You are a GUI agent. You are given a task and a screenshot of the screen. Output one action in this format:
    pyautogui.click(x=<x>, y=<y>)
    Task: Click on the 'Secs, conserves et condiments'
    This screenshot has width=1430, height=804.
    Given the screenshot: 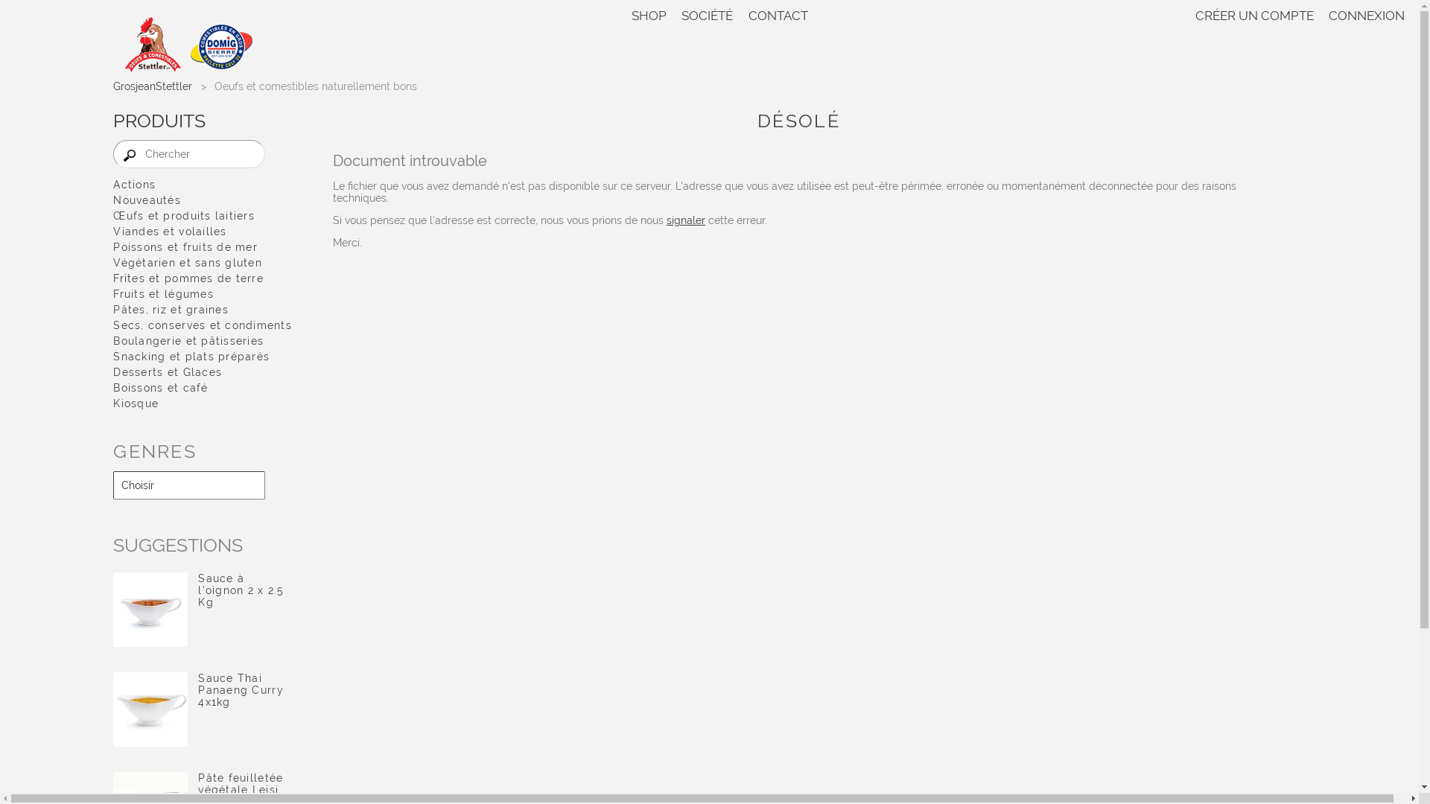 What is the action you would take?
    pyautogui.click(x=202, y=324)
    